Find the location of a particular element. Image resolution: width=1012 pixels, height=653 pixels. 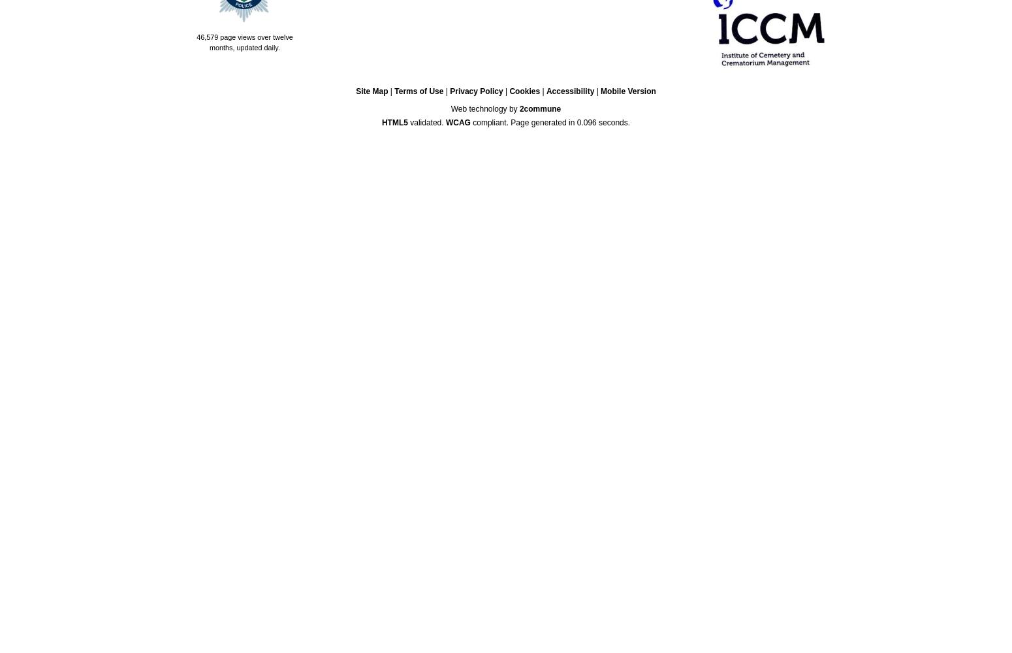

'2commune' is located at coordinates (539, 108).